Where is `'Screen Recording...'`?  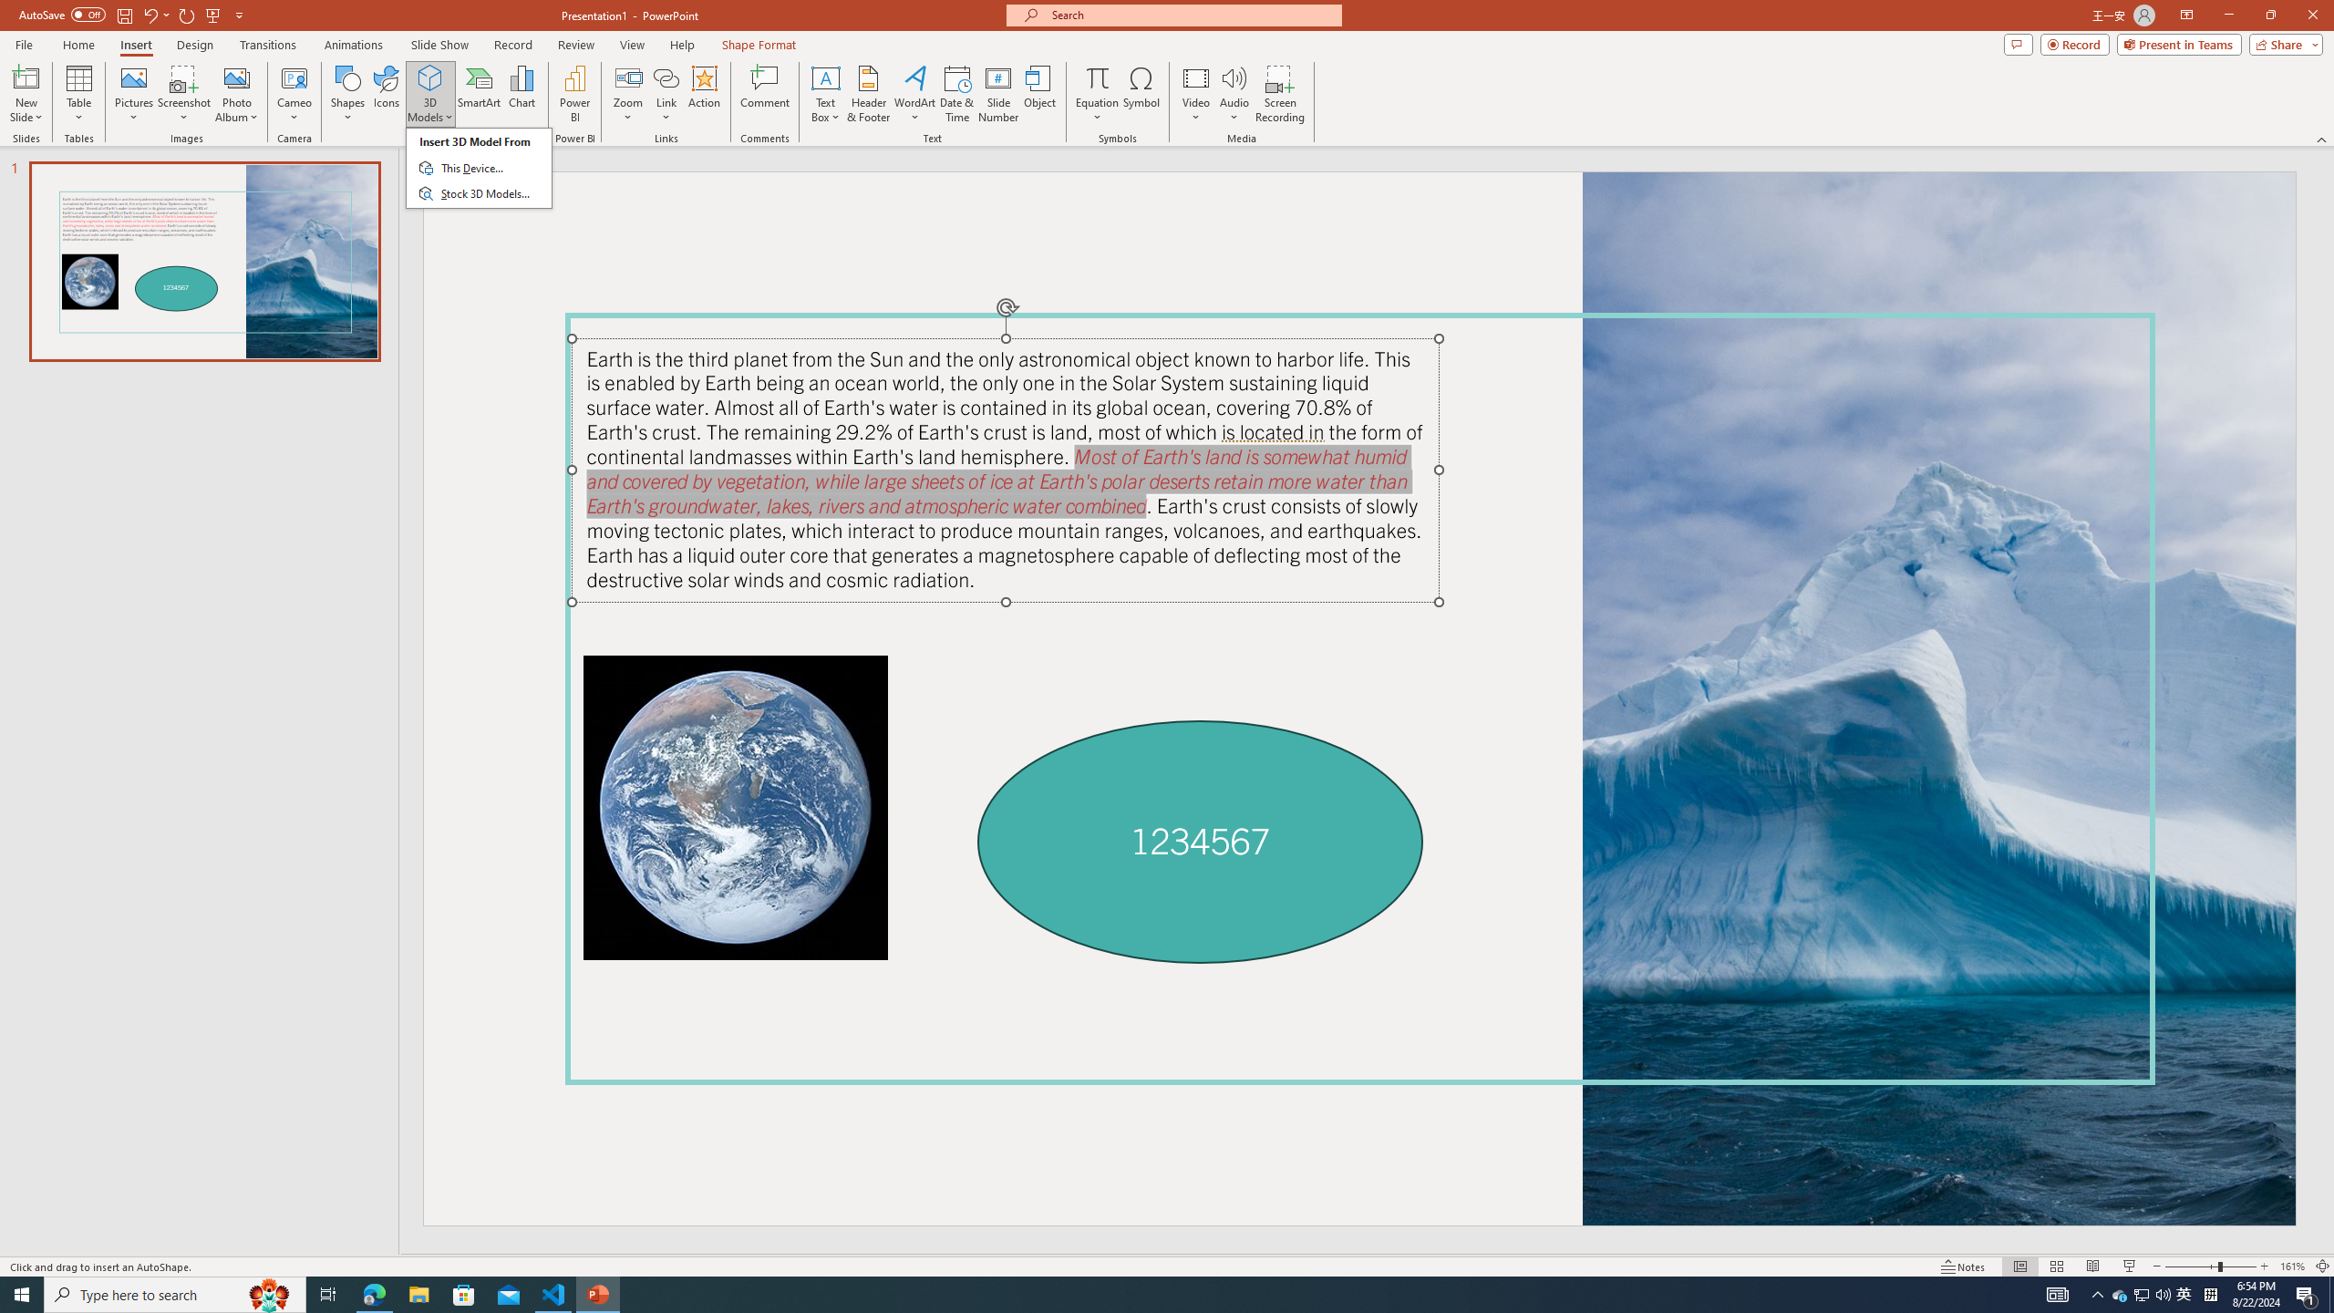
'Screen Recording...' is located at coordinates (1279, 94).